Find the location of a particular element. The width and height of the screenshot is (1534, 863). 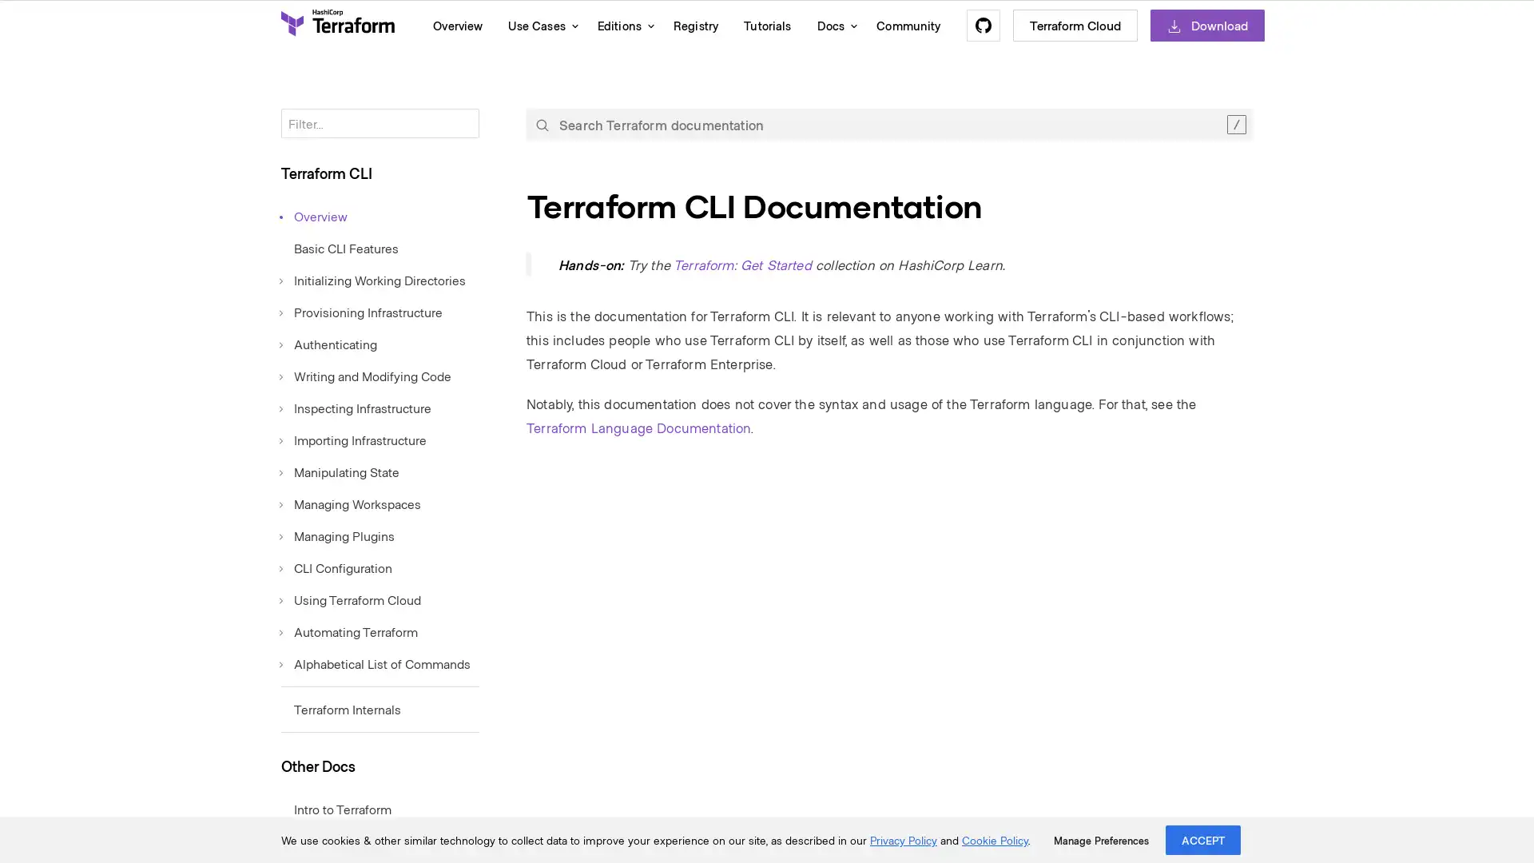

Use Cases is located at coordinates (539, 25).